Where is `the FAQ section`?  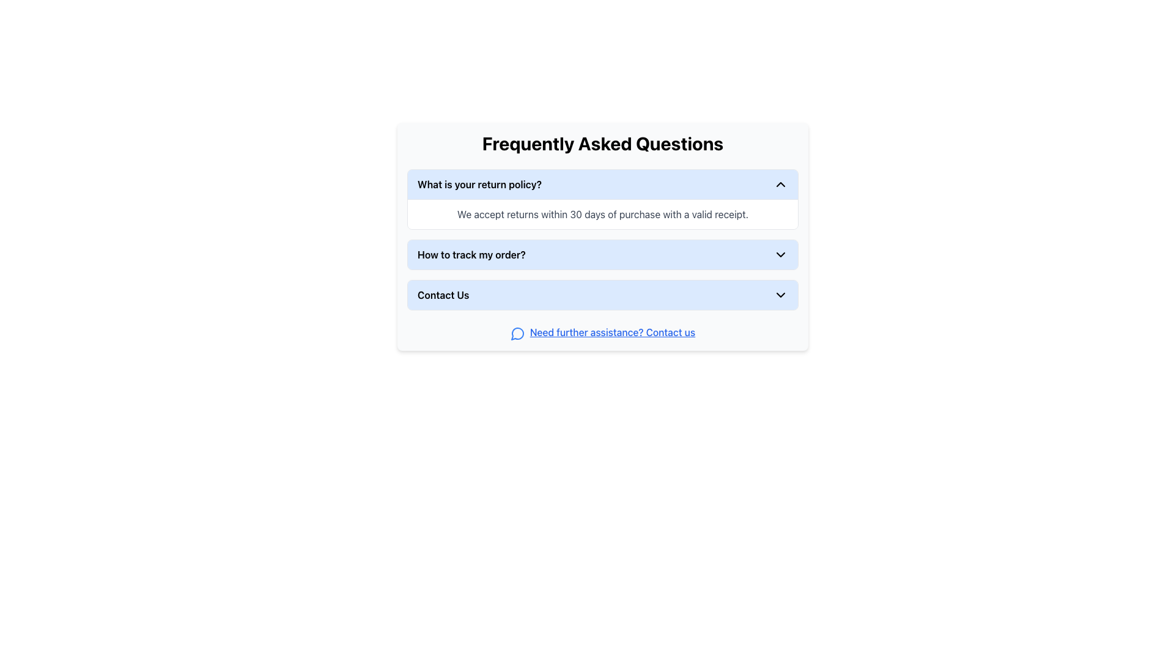 the FAQ section is located at coordinates (602, 143).